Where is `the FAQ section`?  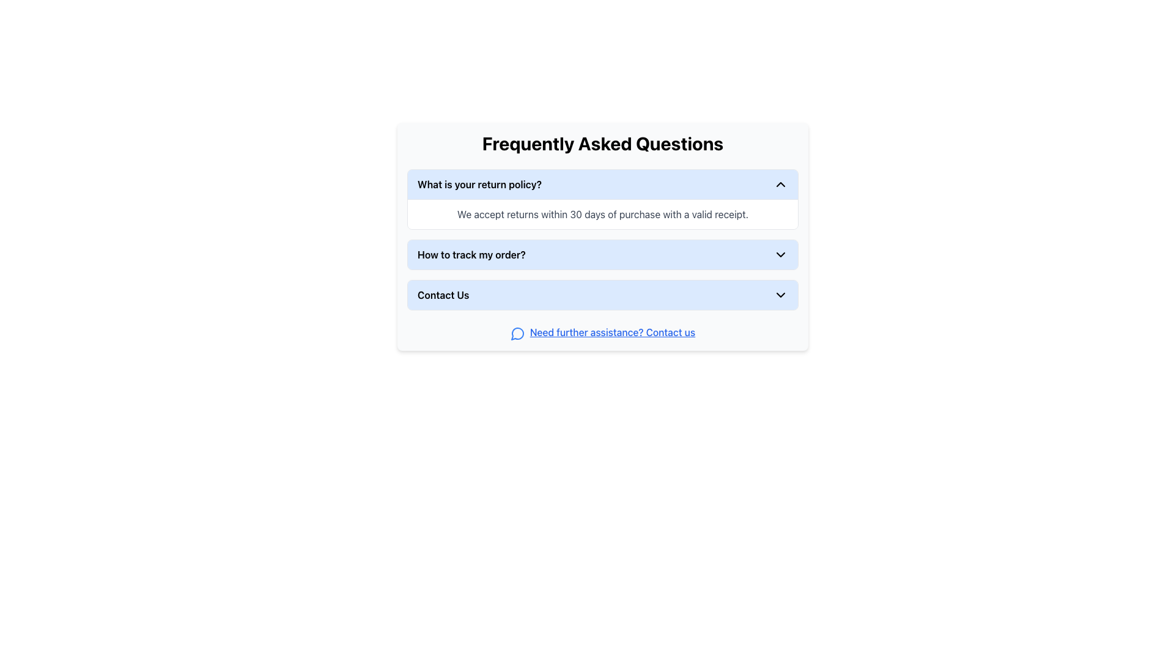 the FAQ section is located at coordinates (602, 143).